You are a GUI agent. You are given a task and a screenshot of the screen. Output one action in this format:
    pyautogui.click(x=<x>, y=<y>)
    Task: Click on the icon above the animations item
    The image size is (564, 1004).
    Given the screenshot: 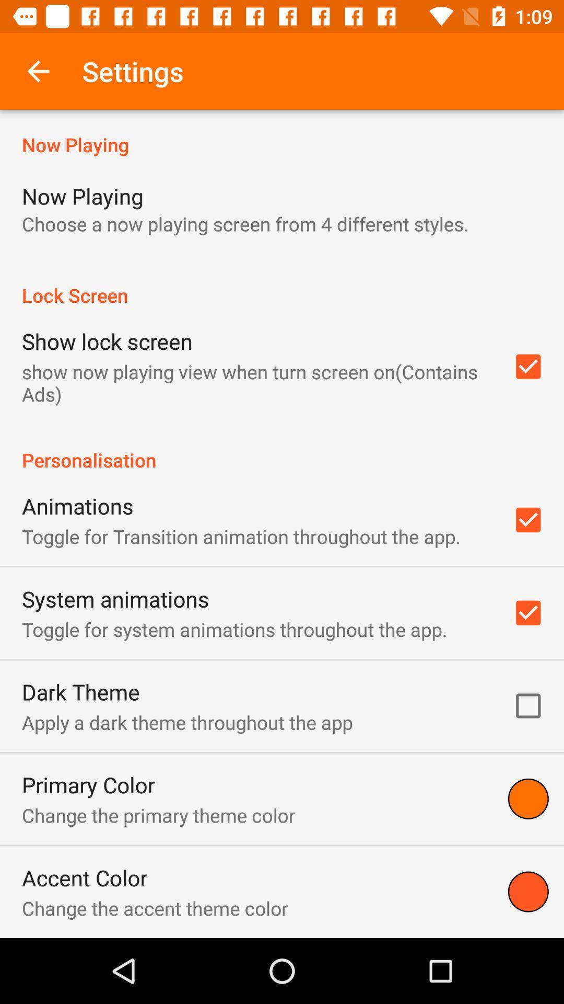 What is the action you would take?
    pyautogui.click(x=282, y=449)
    